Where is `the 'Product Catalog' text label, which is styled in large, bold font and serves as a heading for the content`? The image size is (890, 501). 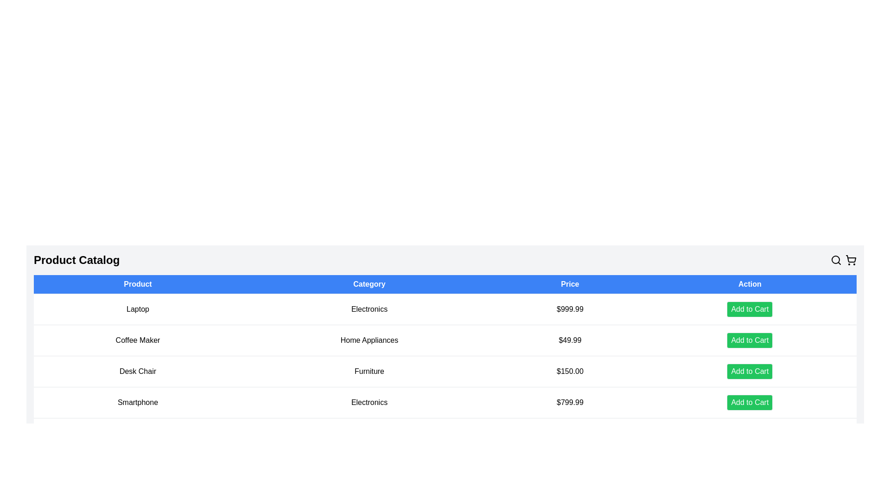
the 'Product Catalog' text label, which is styled in large, bold font and serves as a heading for the content is located at coordinates (76, 260).